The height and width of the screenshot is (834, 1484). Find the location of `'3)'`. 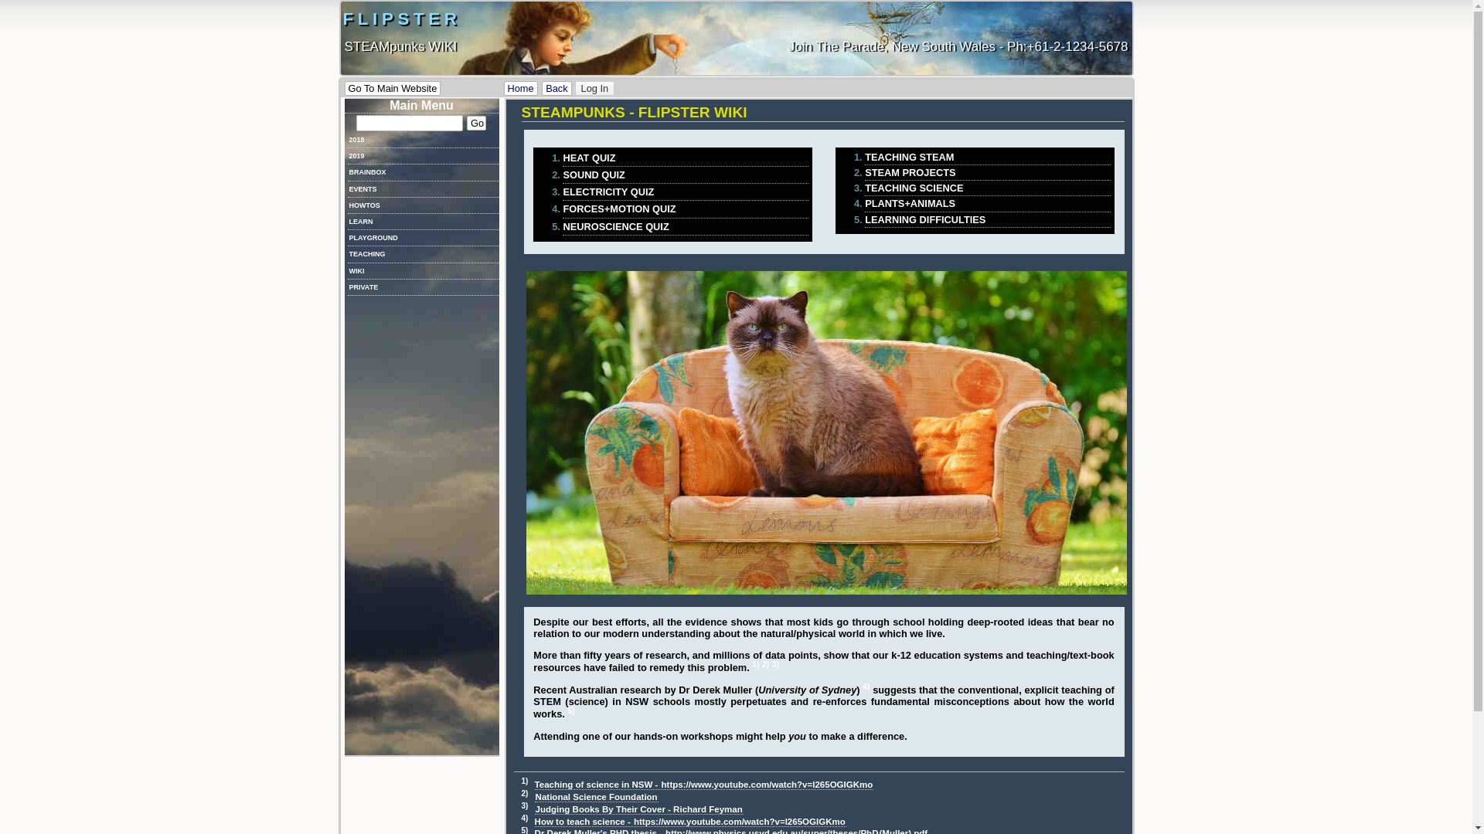

'3)' is located at coordinates (520, 805).